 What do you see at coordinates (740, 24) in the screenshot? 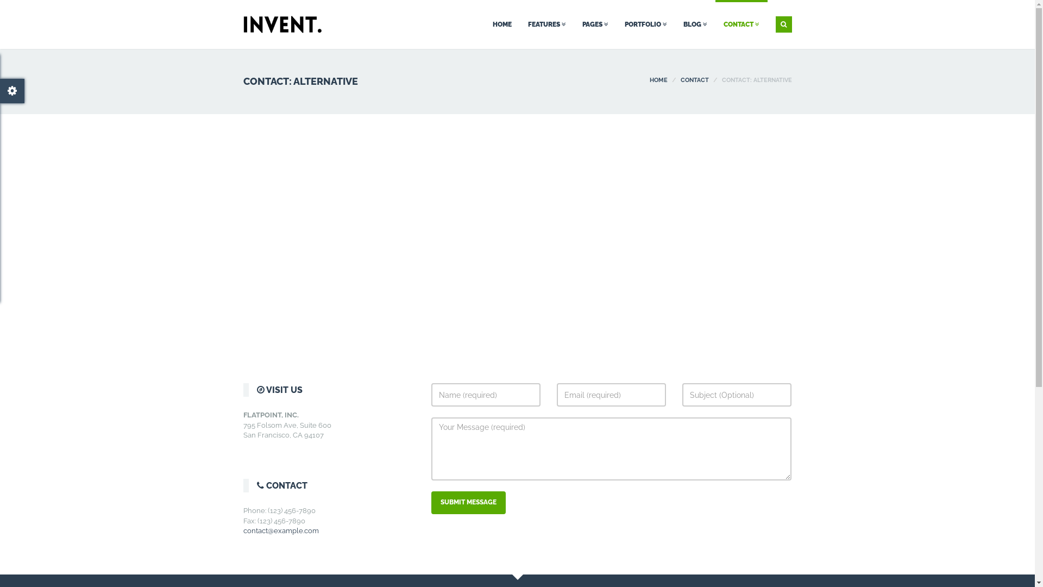
I see `'CONTACT'` at bounding box center [740, 24].